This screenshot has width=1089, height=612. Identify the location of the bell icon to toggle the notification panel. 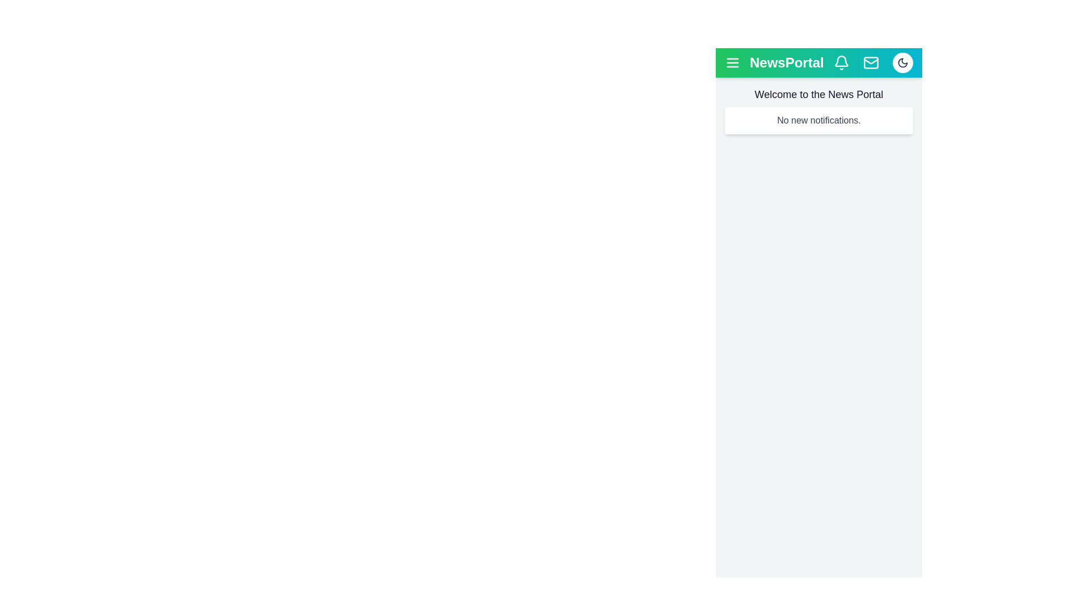
(841, 63).